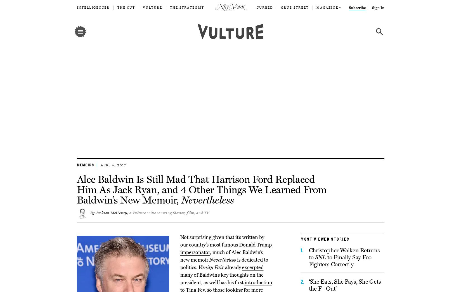 This screenshot has height=292, width=461. I want to click on 'Vanity Fair', so click(211, 267).